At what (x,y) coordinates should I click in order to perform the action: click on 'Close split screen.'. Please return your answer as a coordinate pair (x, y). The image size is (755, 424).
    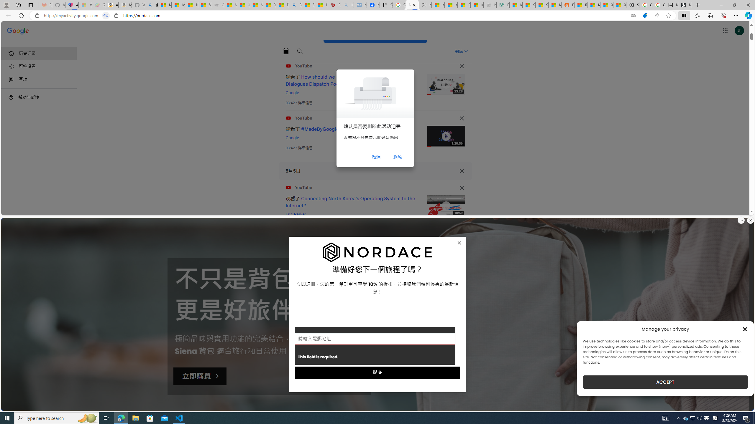
    Looking at the image, I should click on (750, 220).